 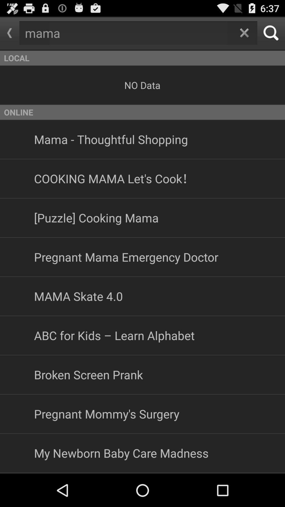 What do you see at coordinates (9, 33) in the screenshot?
I see `item to the left of mama` at bounding box center [9, 33].